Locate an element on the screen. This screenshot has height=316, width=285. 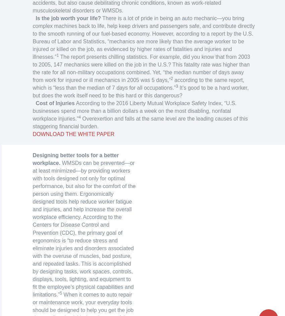
'according to the same report, which is “less than the median of 7 days for all occupations.”' is located at coordinates (138, 83).